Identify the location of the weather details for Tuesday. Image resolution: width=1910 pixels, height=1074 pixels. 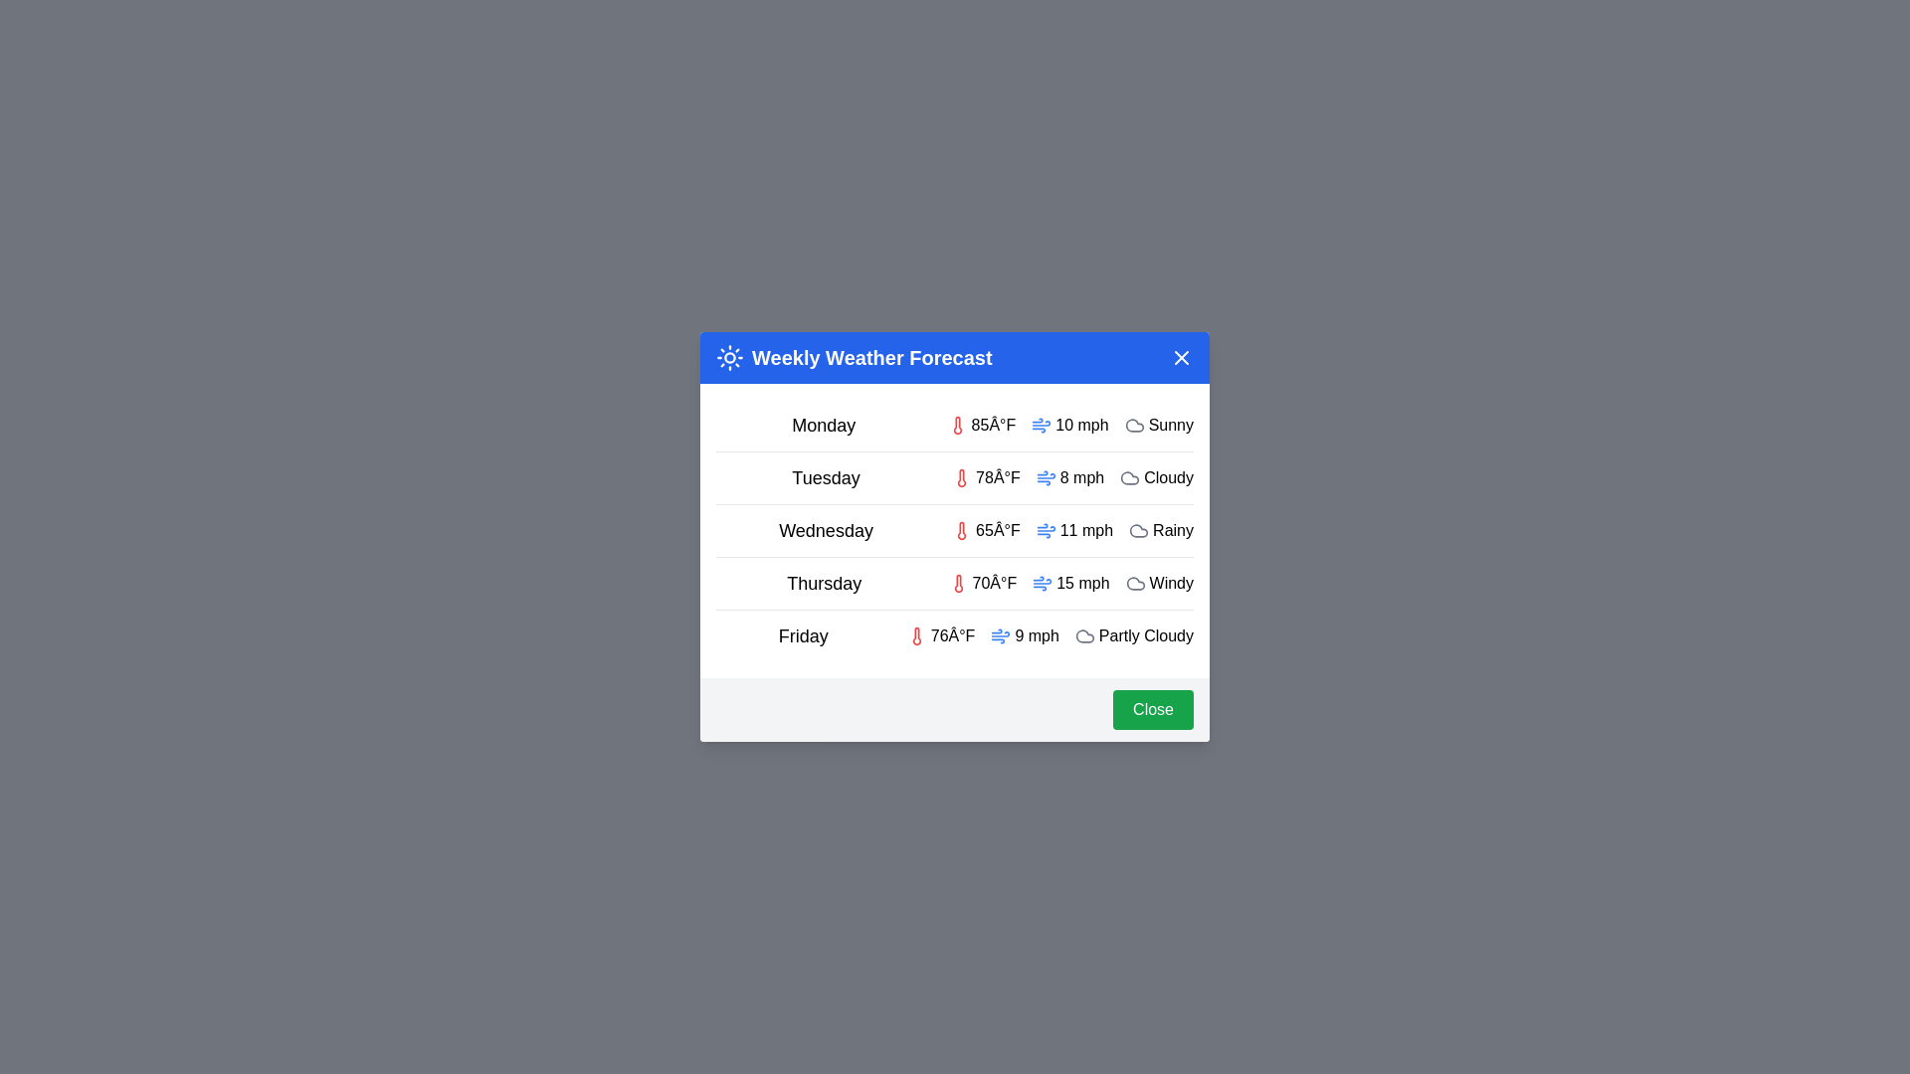
(955, 477).